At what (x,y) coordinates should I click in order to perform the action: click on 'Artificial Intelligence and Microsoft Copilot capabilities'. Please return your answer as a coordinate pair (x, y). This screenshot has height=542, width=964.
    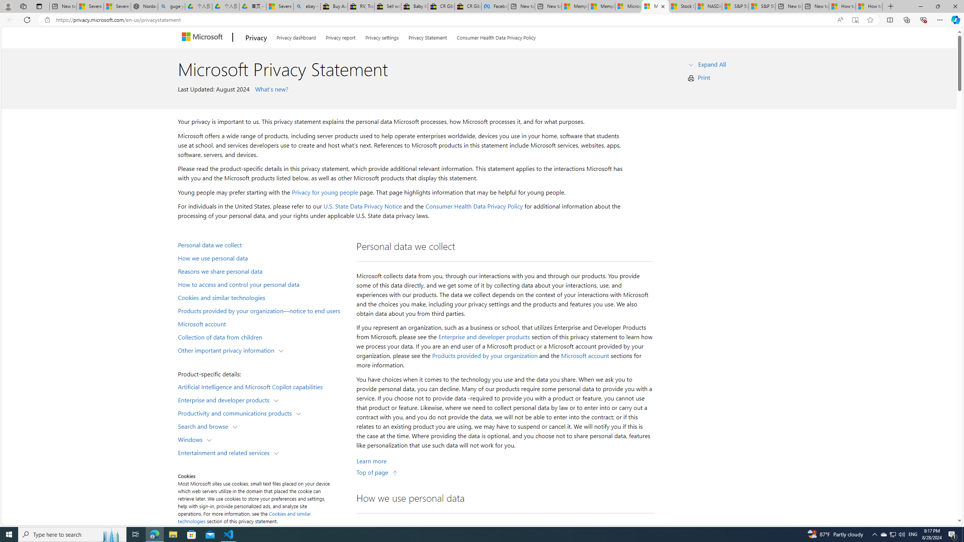
    Looking at the image, I should click on (262, 386).